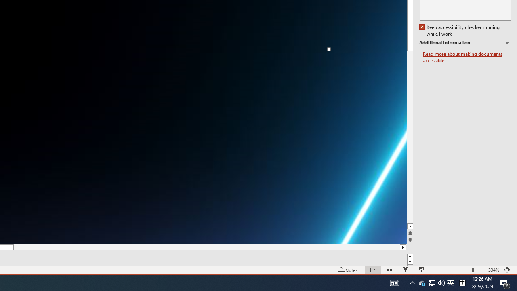 This screenshot has height=291, width=517. Describe the element at coordinates (493, 270) in the screenshot. I see `'Zoom 334%'` at that location.